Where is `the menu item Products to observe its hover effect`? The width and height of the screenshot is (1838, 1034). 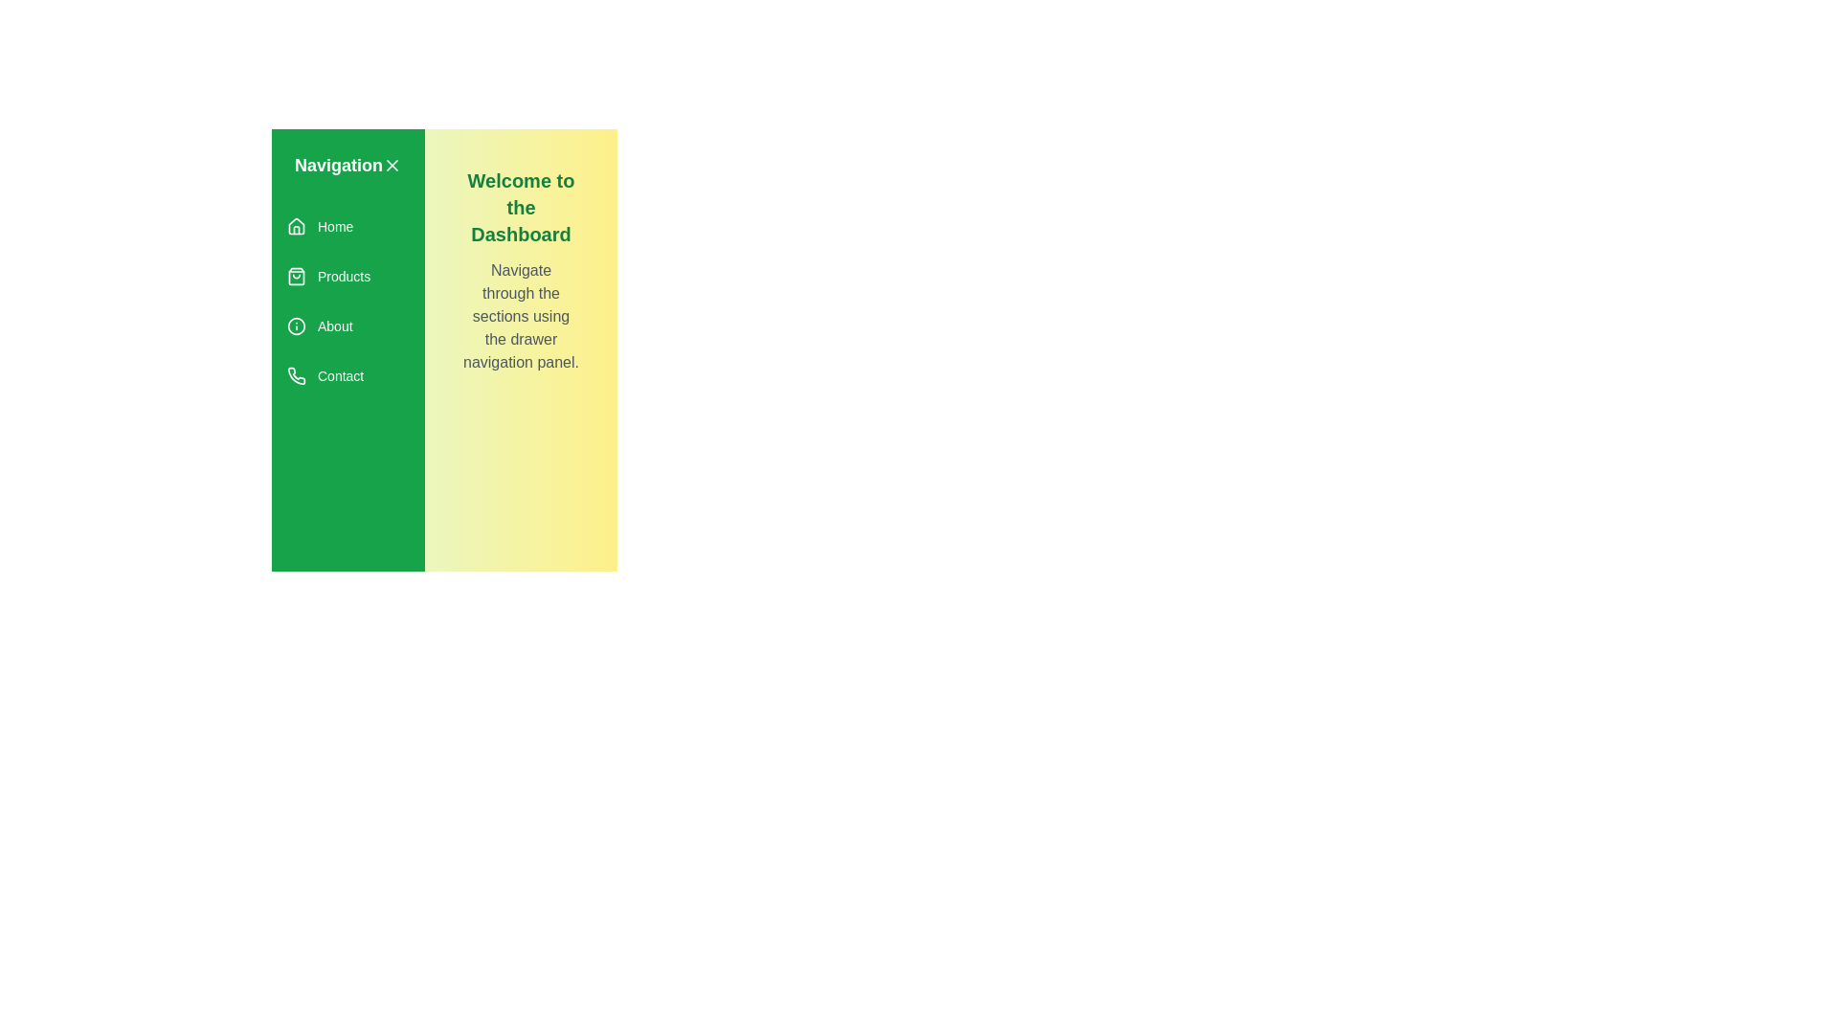
the menu item Products to observe its hover effect is located at coordinates (348, 277).